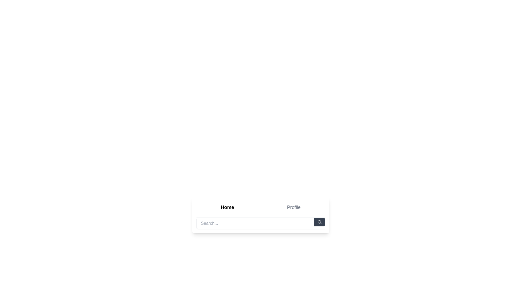  What do you see at coordinates (319, 222) in the screenshot?
I see `the rounded rectangle search button with a dark gray background and magnifying glass icon located at the far right of the search bar layout` at bounding box center [319, 222].